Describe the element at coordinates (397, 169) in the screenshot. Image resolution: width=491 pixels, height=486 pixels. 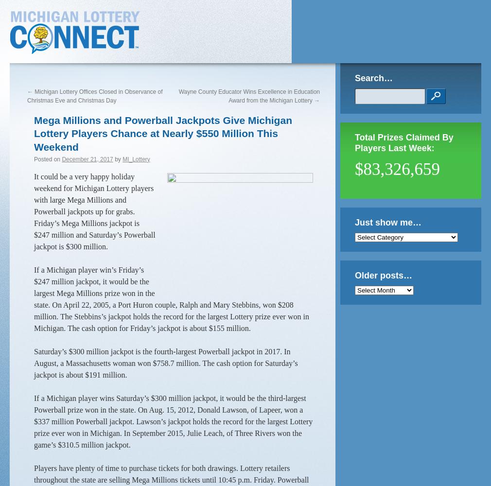
I see `'$83,326,659'` at that location.